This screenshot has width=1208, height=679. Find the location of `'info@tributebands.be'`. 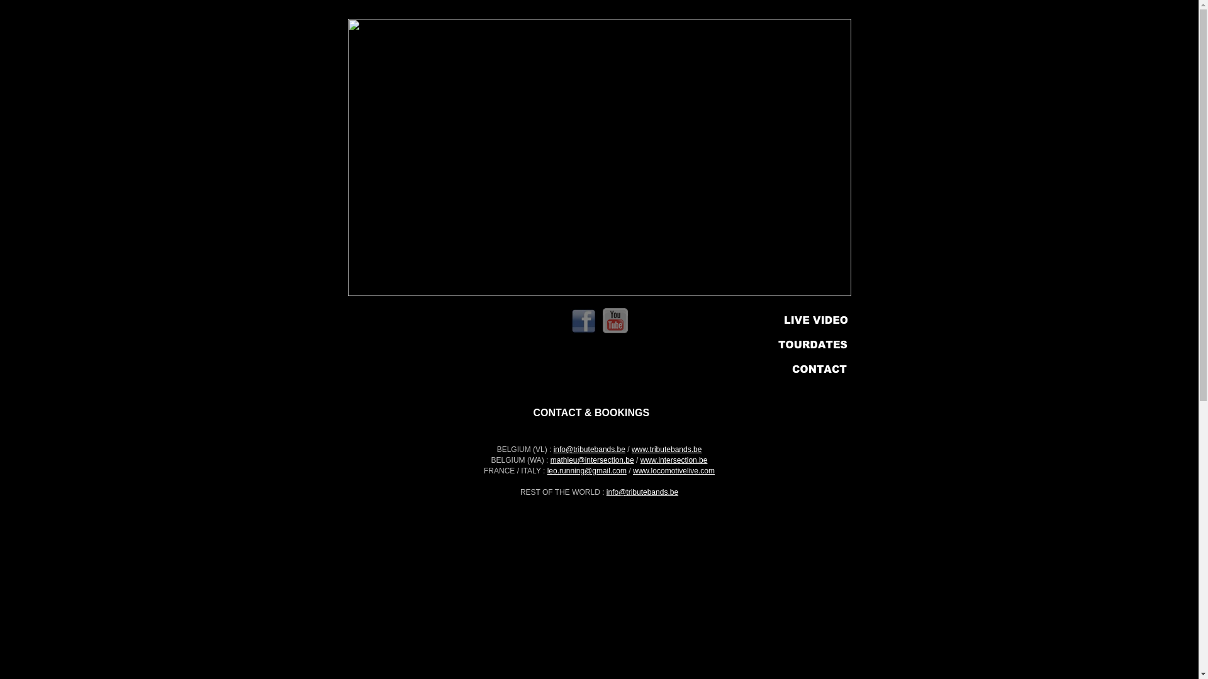

'info@tributebands.be' is located at coordinates (642, 492).